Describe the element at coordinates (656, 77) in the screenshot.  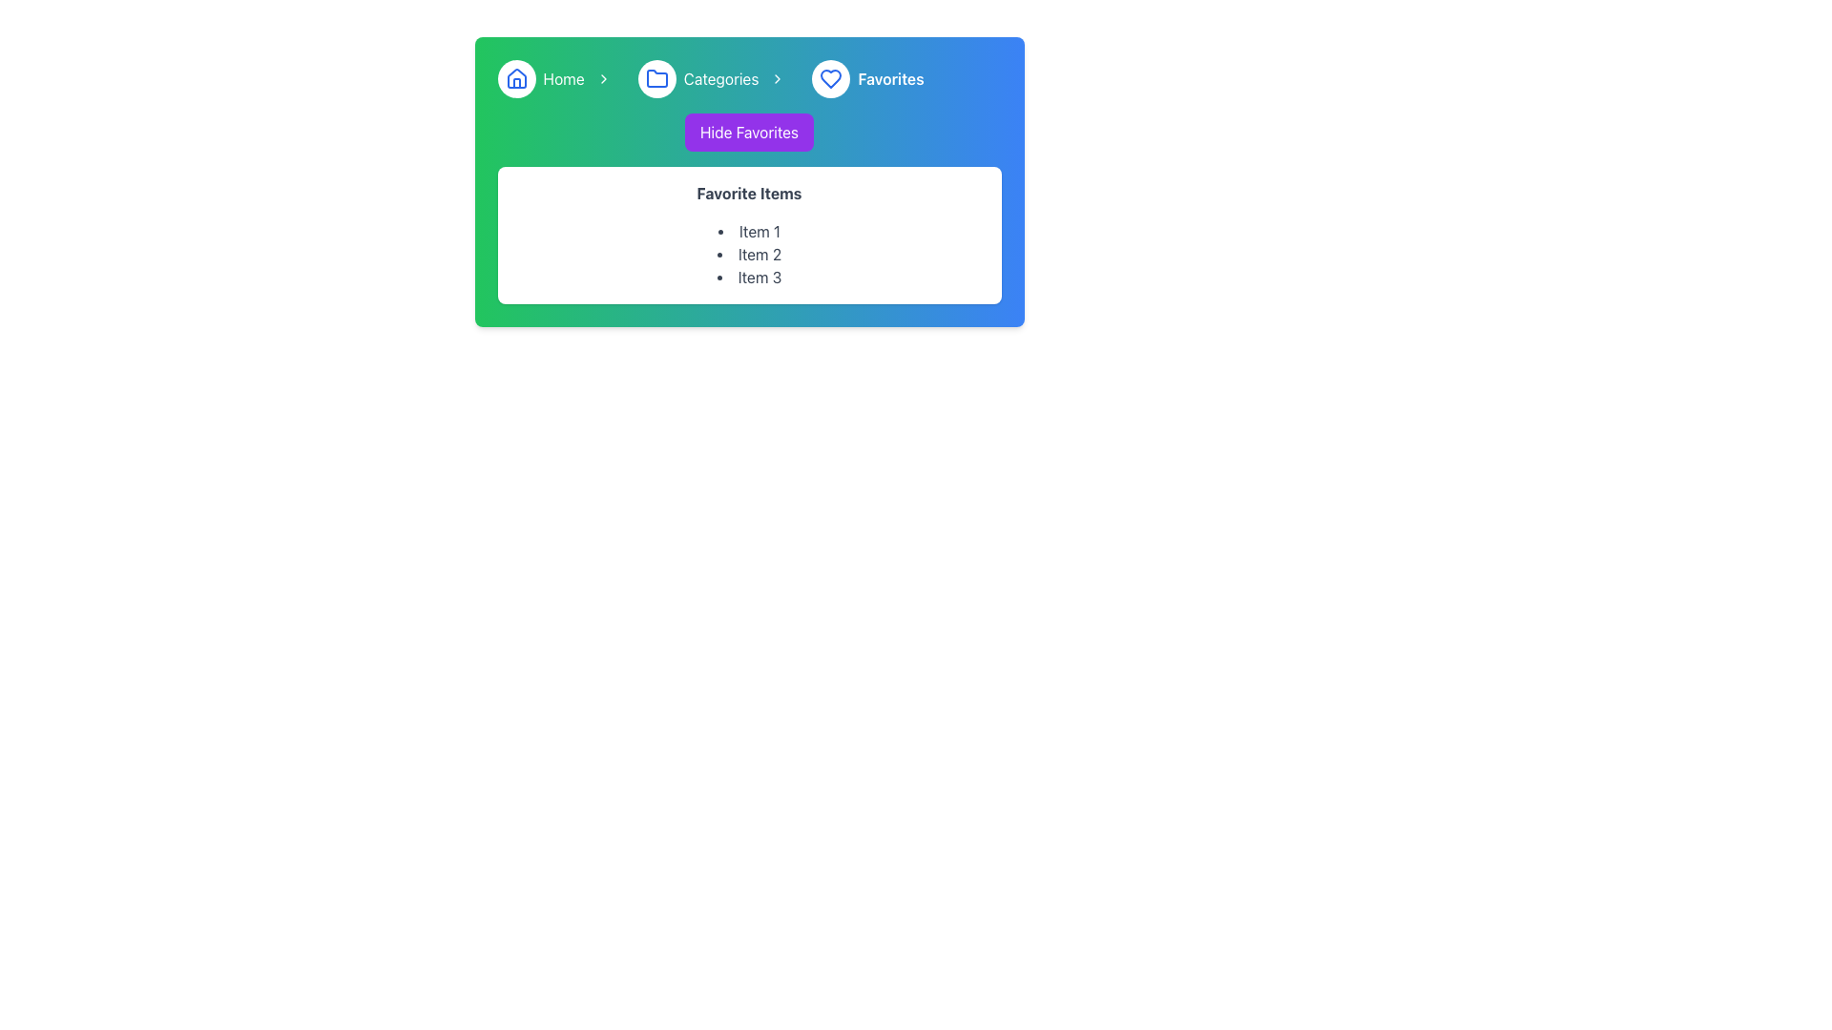
I see `the folder icon in the top left area of the navigation bar` at that location.